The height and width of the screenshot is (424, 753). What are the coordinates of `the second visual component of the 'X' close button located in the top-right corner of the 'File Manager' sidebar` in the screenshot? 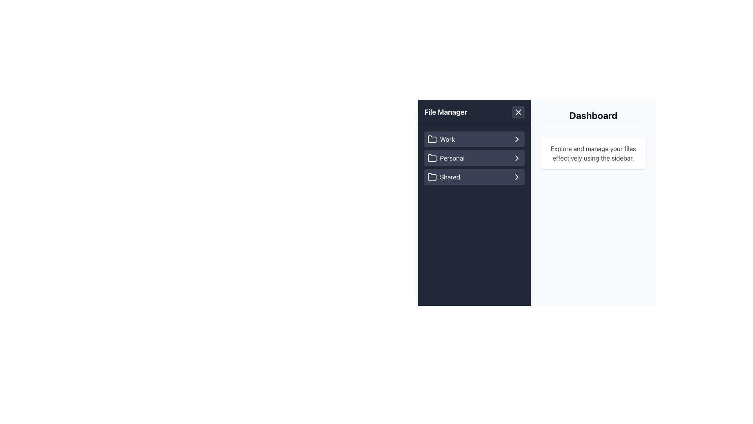 It's located at (518, 112).